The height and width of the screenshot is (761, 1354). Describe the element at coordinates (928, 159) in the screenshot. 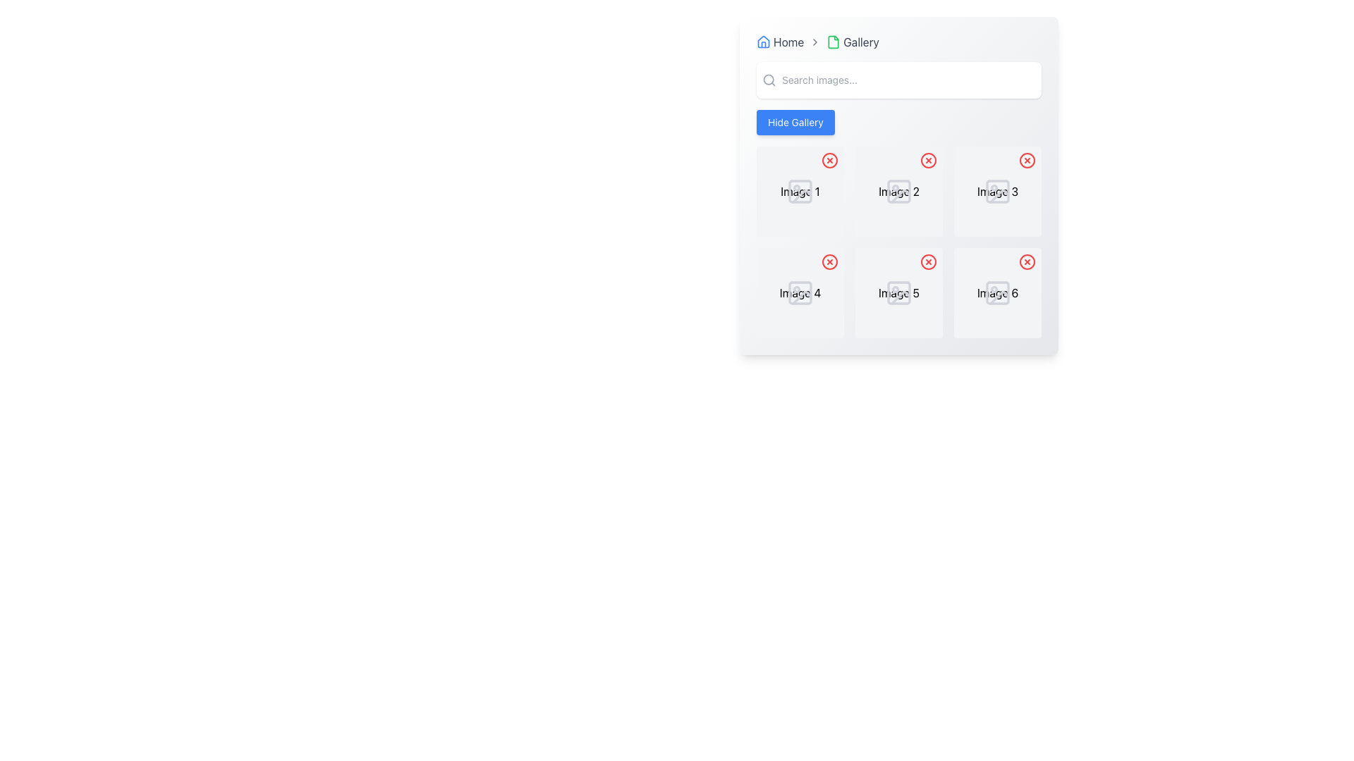

I see `the close button associated with 'Image 2'` at that location.